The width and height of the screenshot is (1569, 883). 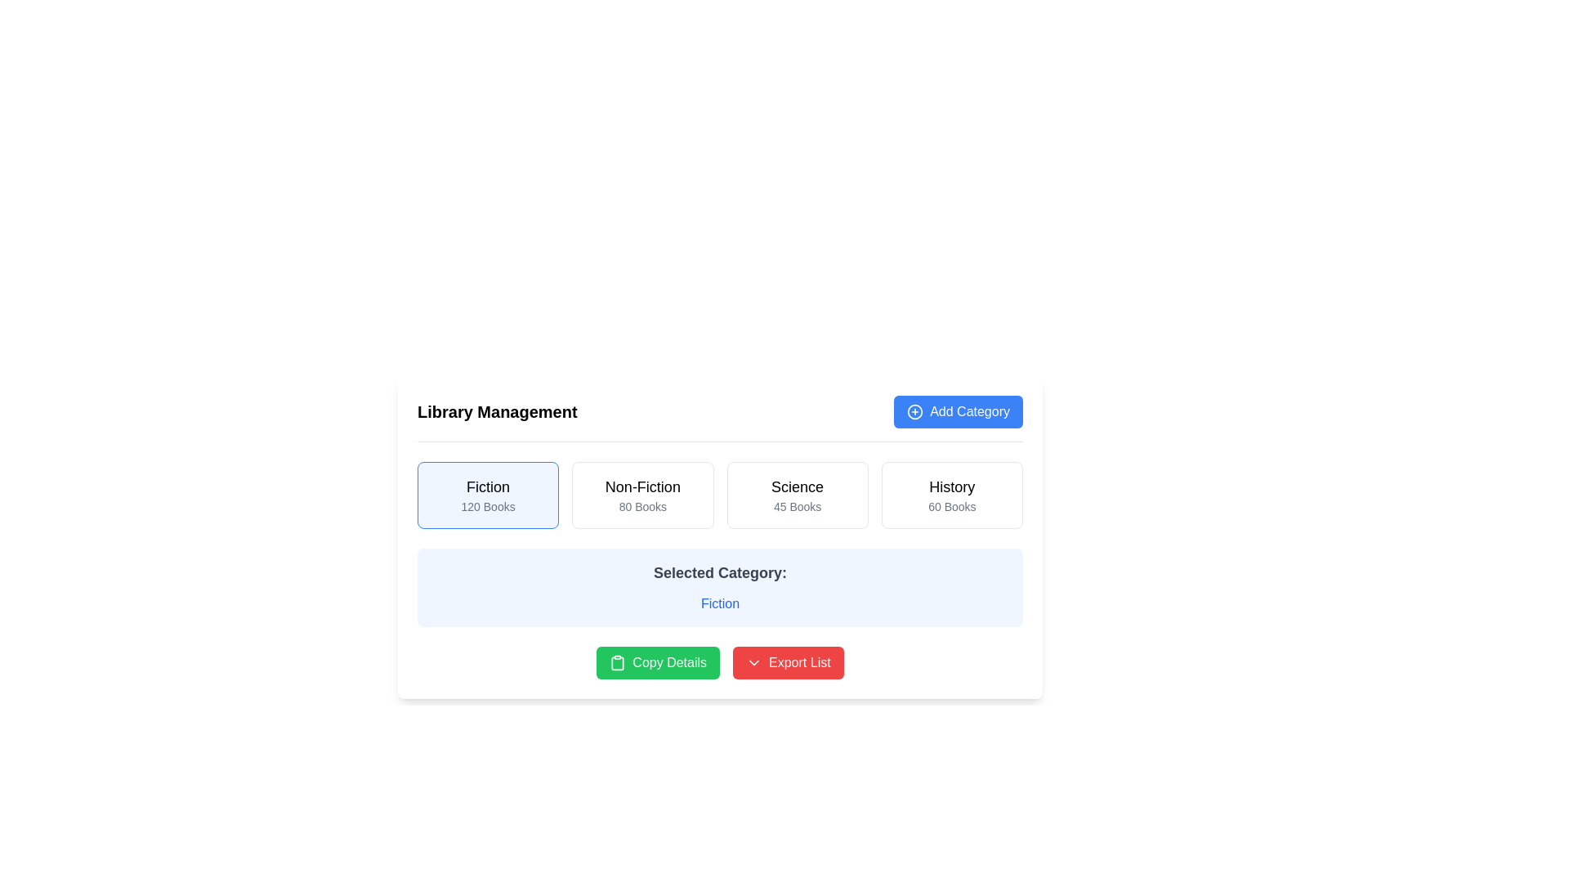 What do you see at coordinates (719, 604) in the screenshot?
I see `the text label styled in blue that reads 'Fiction', located below 'Selected Category:' with a light blue background` at bounding box center [719, 604].